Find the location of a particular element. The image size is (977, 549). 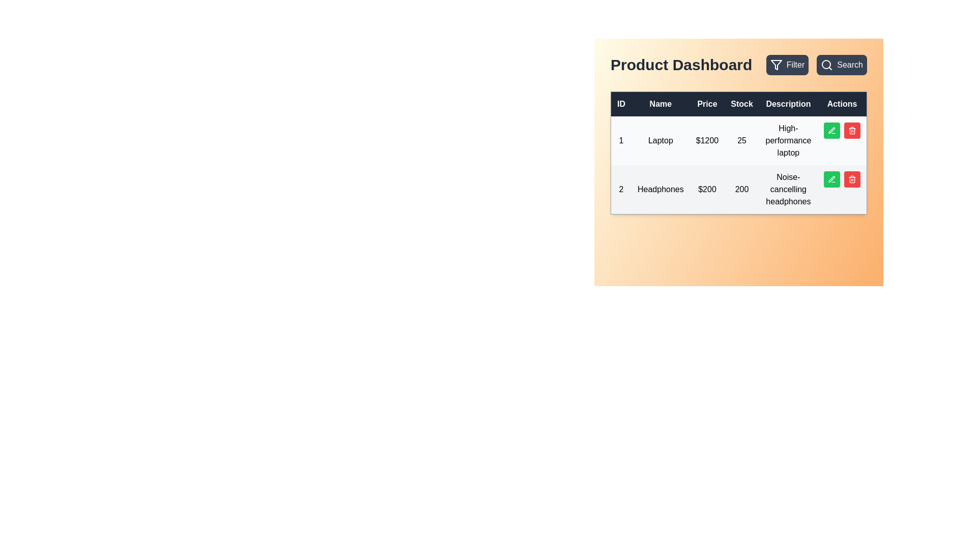

the text label displaying 'Actions', which is the sixth item in the header row of a table, positioned to the far right after the 'Description' column header is located at coordinates (842, 104).